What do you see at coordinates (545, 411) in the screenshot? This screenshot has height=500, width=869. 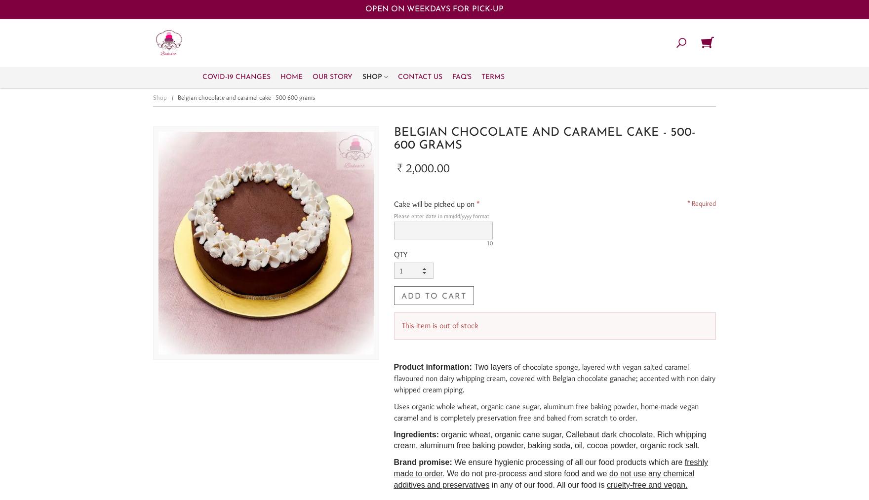 I see `'Uses organic whole wheat, organic cane sugar, aluminum free baking powder, home-made vegan caramel and is completely preservation free and baked from scratch to order.'` at bounding box center [545, 411].